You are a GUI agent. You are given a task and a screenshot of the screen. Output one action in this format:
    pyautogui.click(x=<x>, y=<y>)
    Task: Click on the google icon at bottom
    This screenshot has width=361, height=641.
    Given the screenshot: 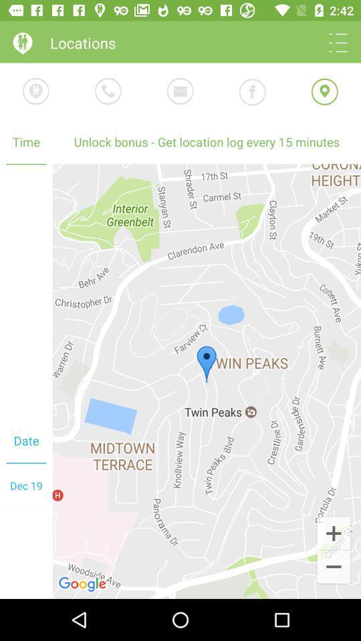 What is the action you would take?
    pyautogui.click(x=84, y=584)
    